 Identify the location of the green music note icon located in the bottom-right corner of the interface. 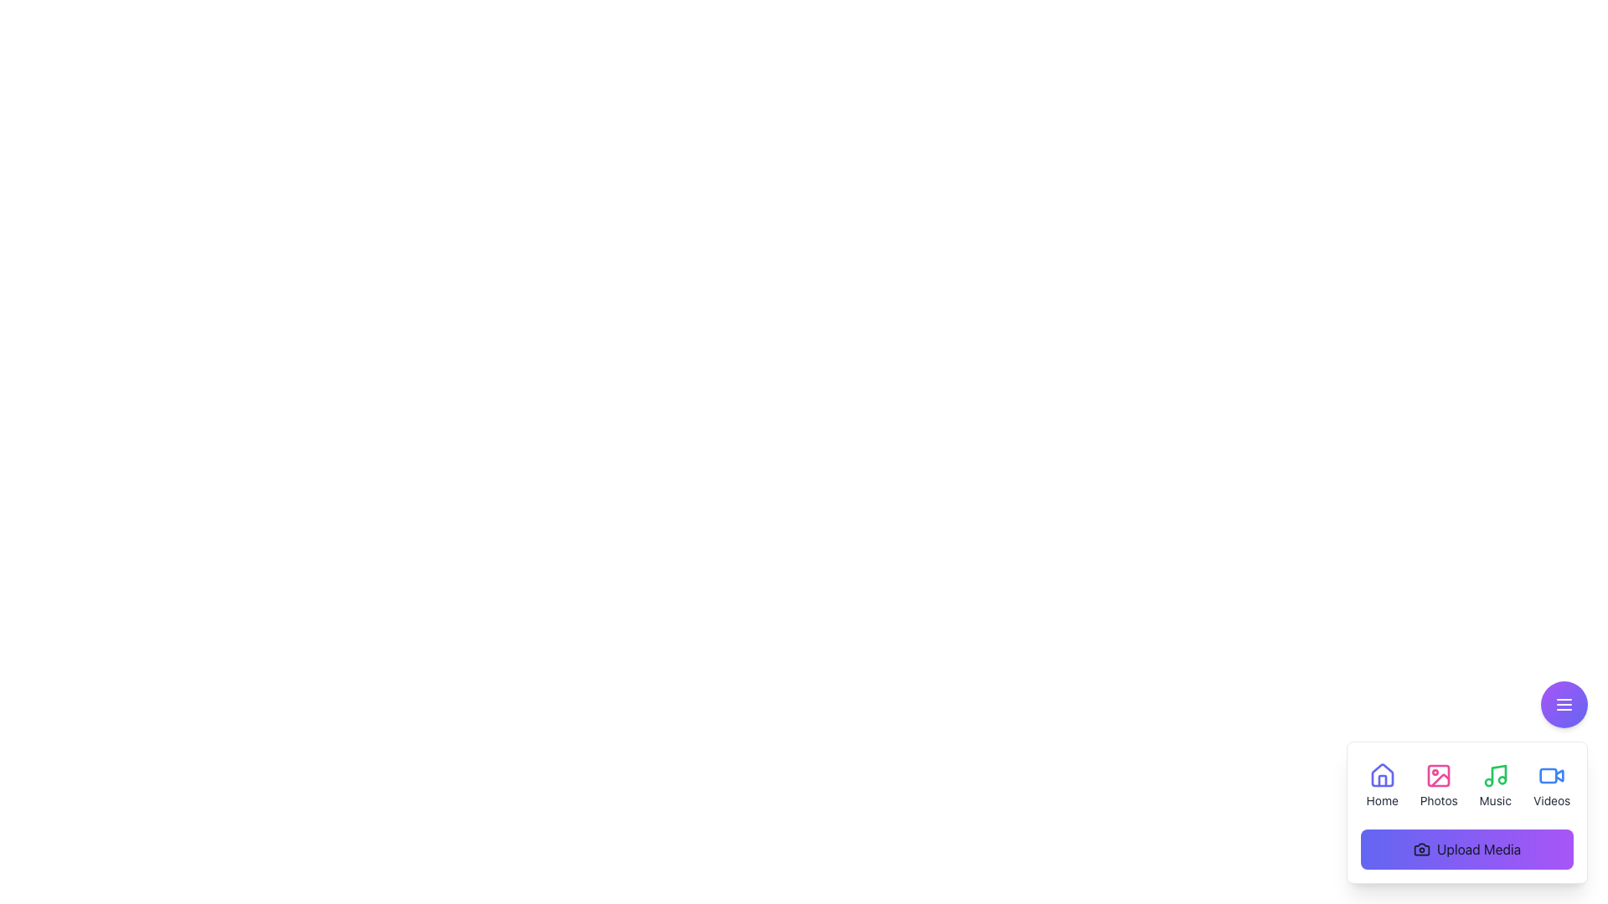
(1495, 775).